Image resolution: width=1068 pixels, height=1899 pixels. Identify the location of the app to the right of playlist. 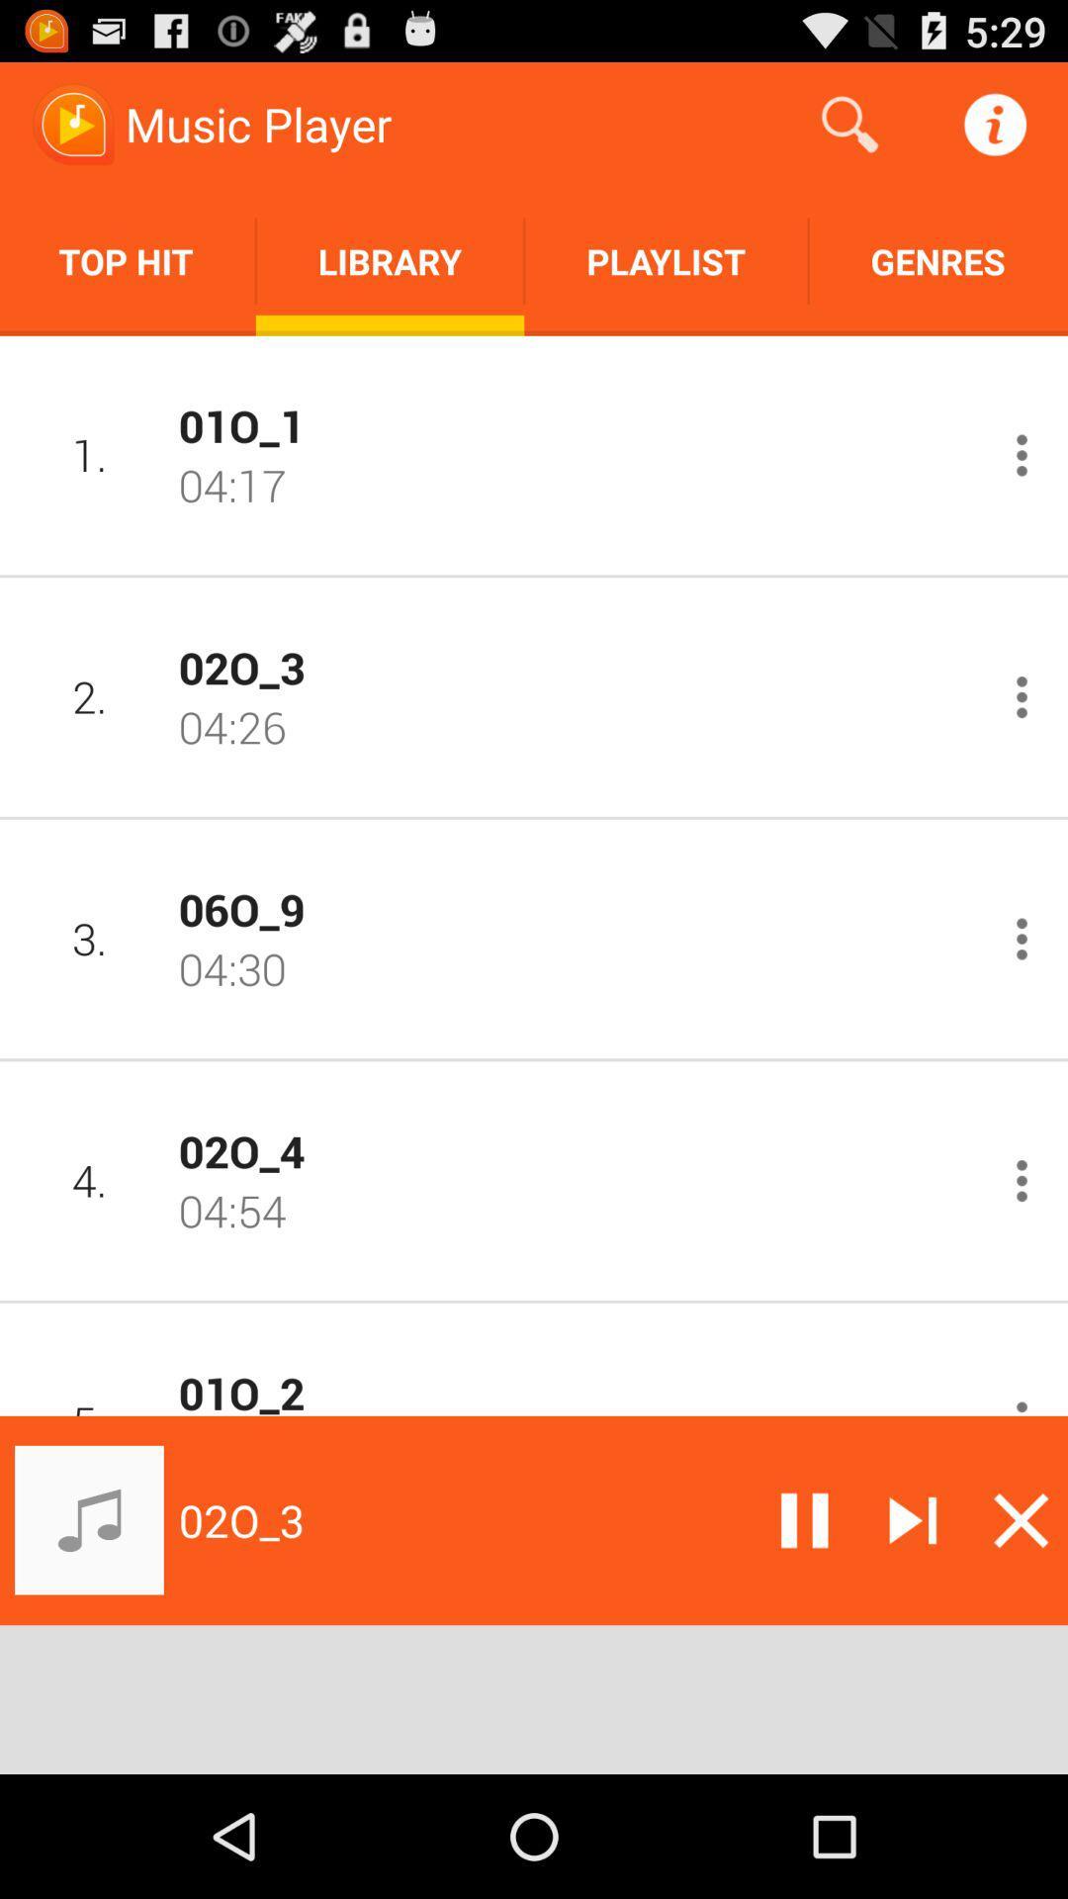
(936, 260).